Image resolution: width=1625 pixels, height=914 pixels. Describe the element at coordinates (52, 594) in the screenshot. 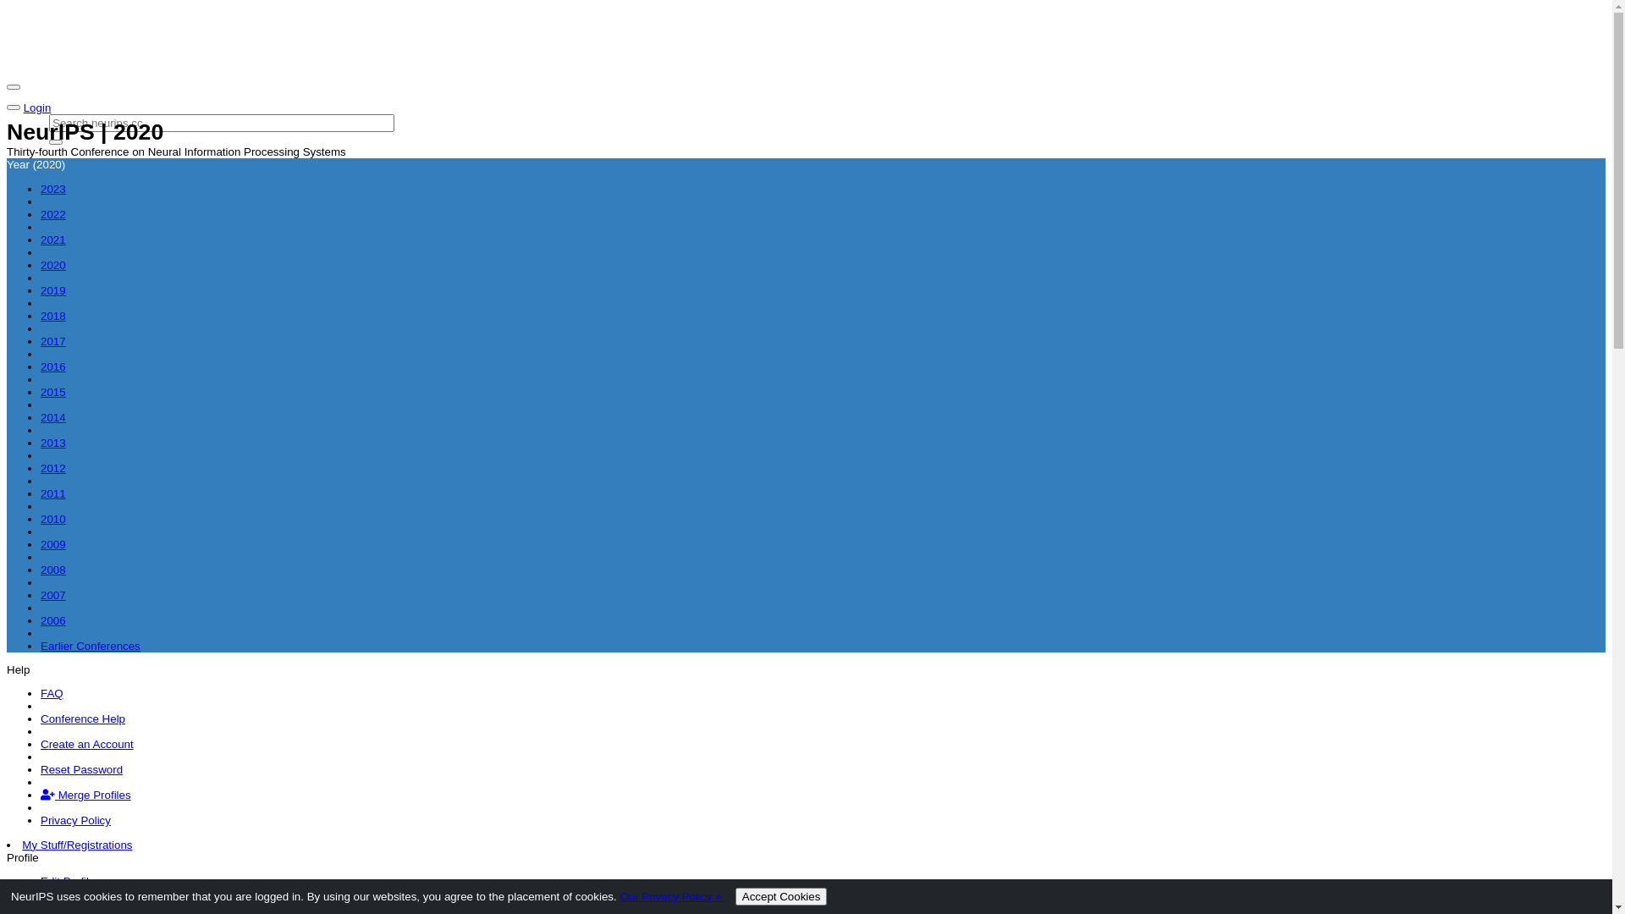

I see `'2007'` at that location.